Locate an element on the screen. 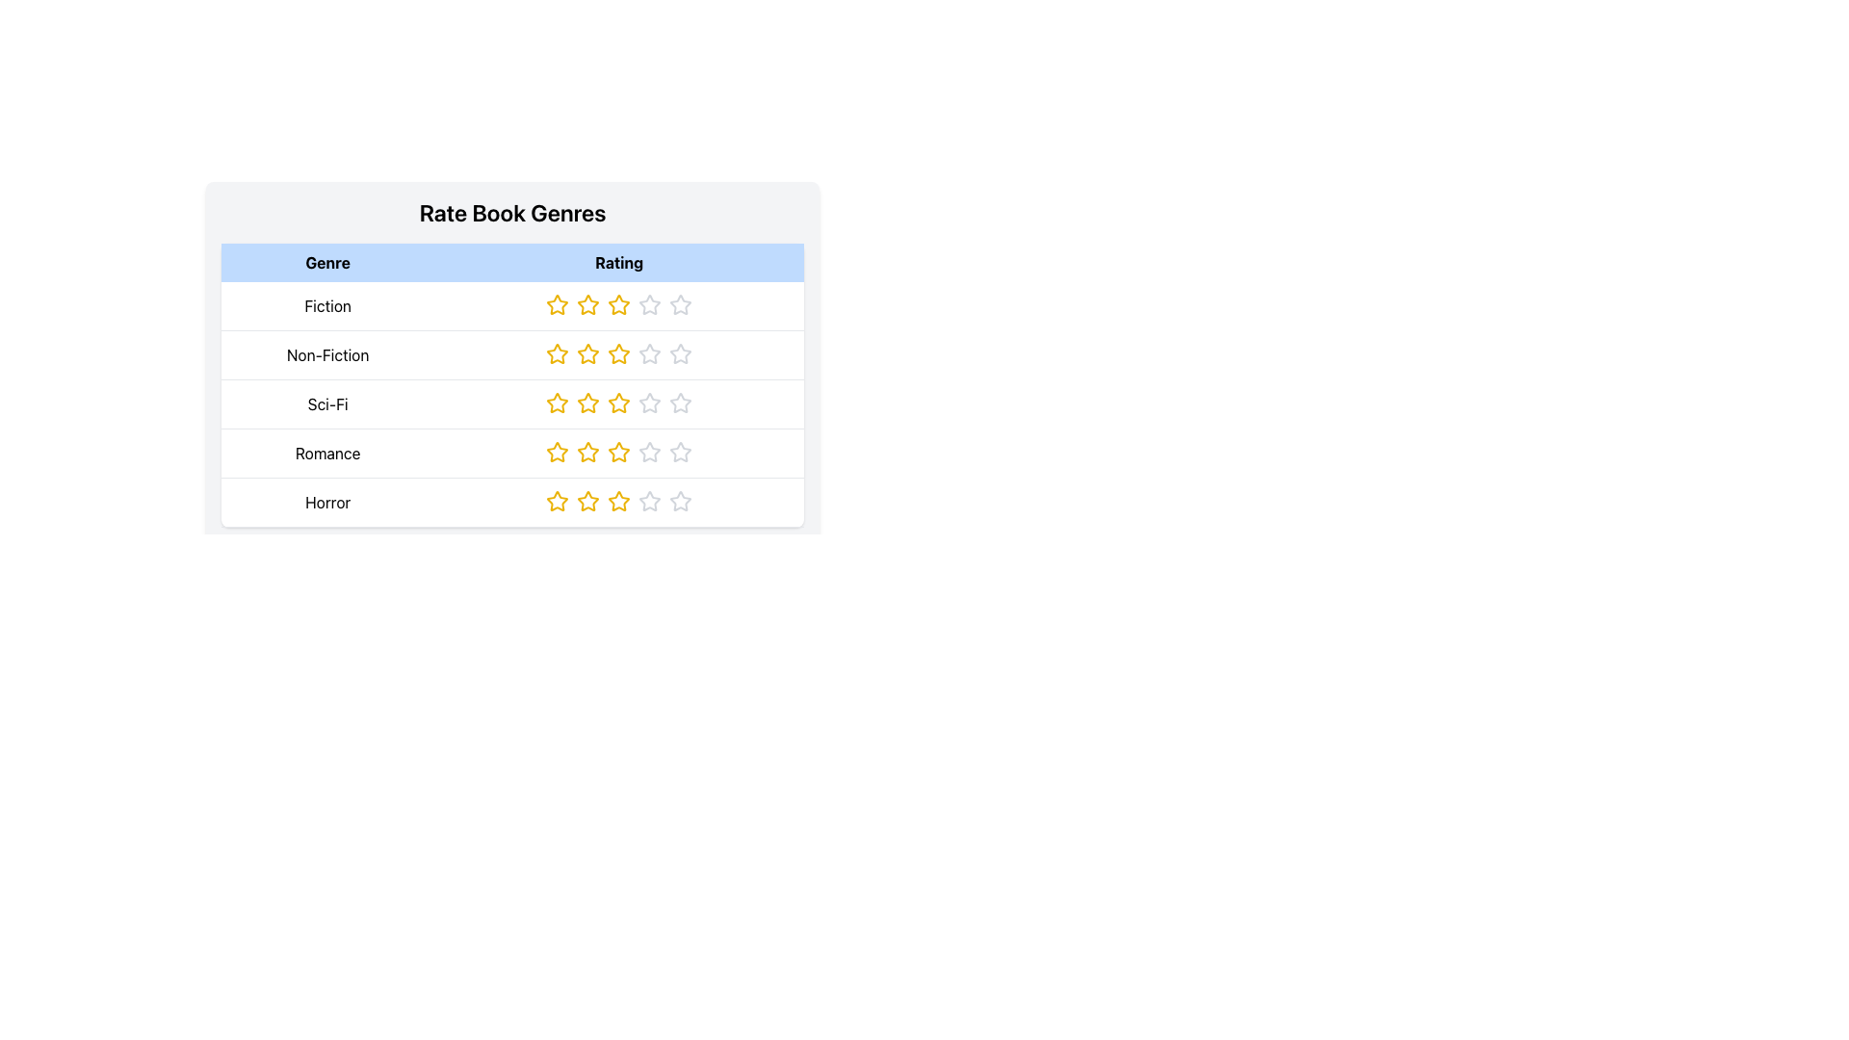 The width and height of the screenshot is (1849, 1040). the header Text Label for the Genre column, which is located at the far left of the 'GenreRating' header row is located at coordinates (327, 263).